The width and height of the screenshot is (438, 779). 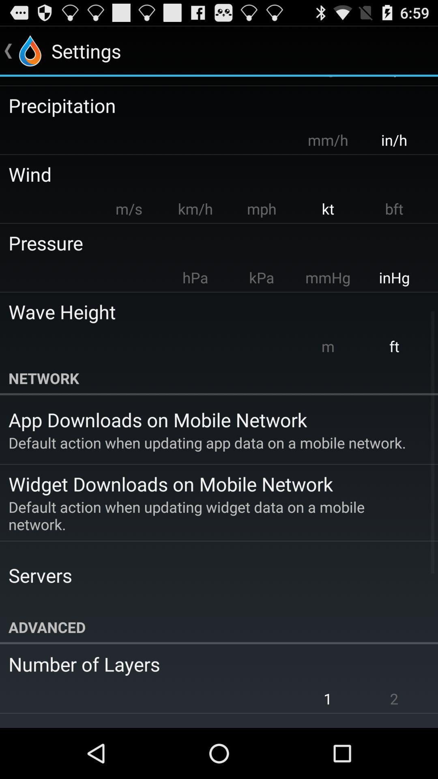 What do you see at coordinates (261, 278) in the screenshot?
I see `app to the left of mmhg app` at bounding box center [261, 278].